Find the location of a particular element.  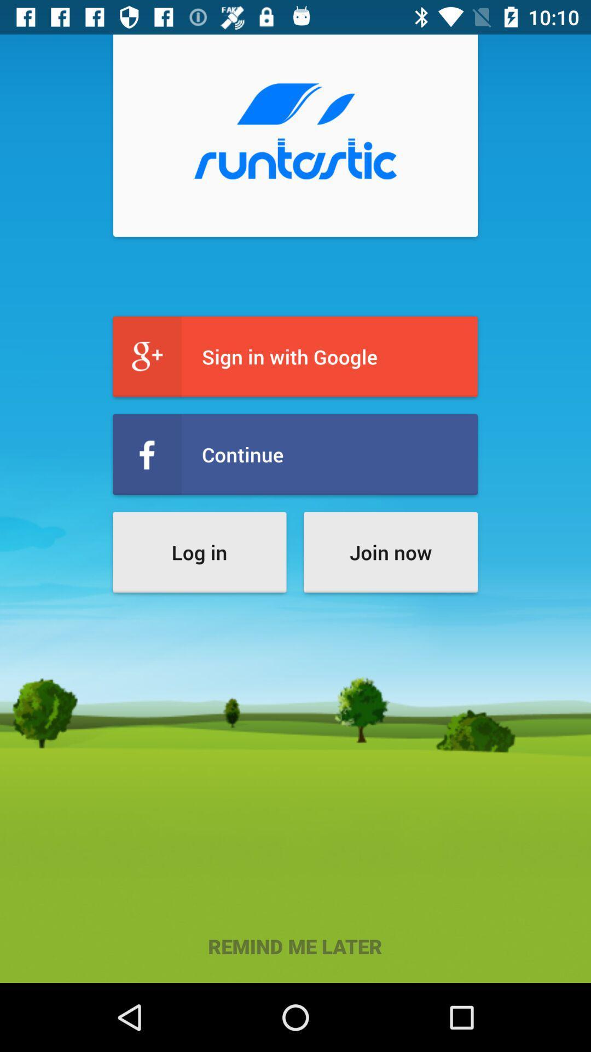

the item to the left of join now item is located at coordinates (199, 552).